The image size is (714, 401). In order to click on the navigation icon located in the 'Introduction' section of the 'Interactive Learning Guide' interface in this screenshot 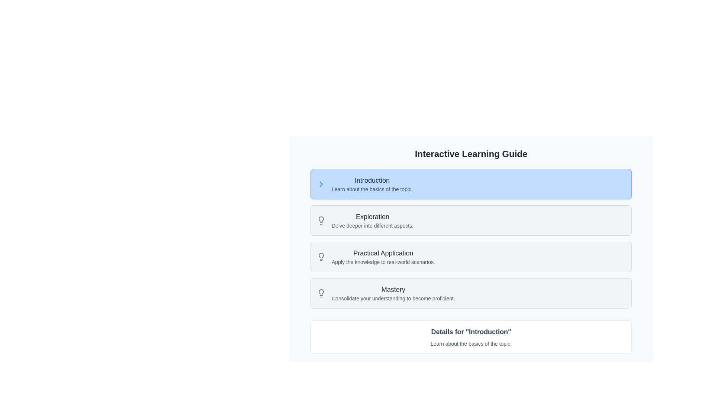, I will do `click(321, 184)`.